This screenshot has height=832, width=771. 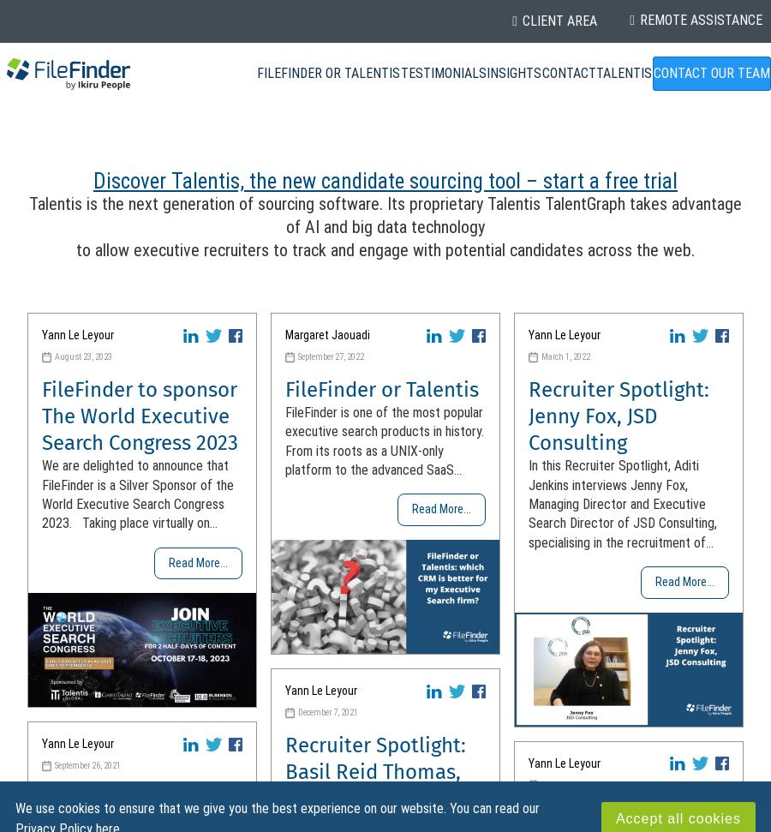 What do you see at coordinates (564, 784) in the screenshot?
I see `'July 30, 2021'` at bounding box center [564, 784].